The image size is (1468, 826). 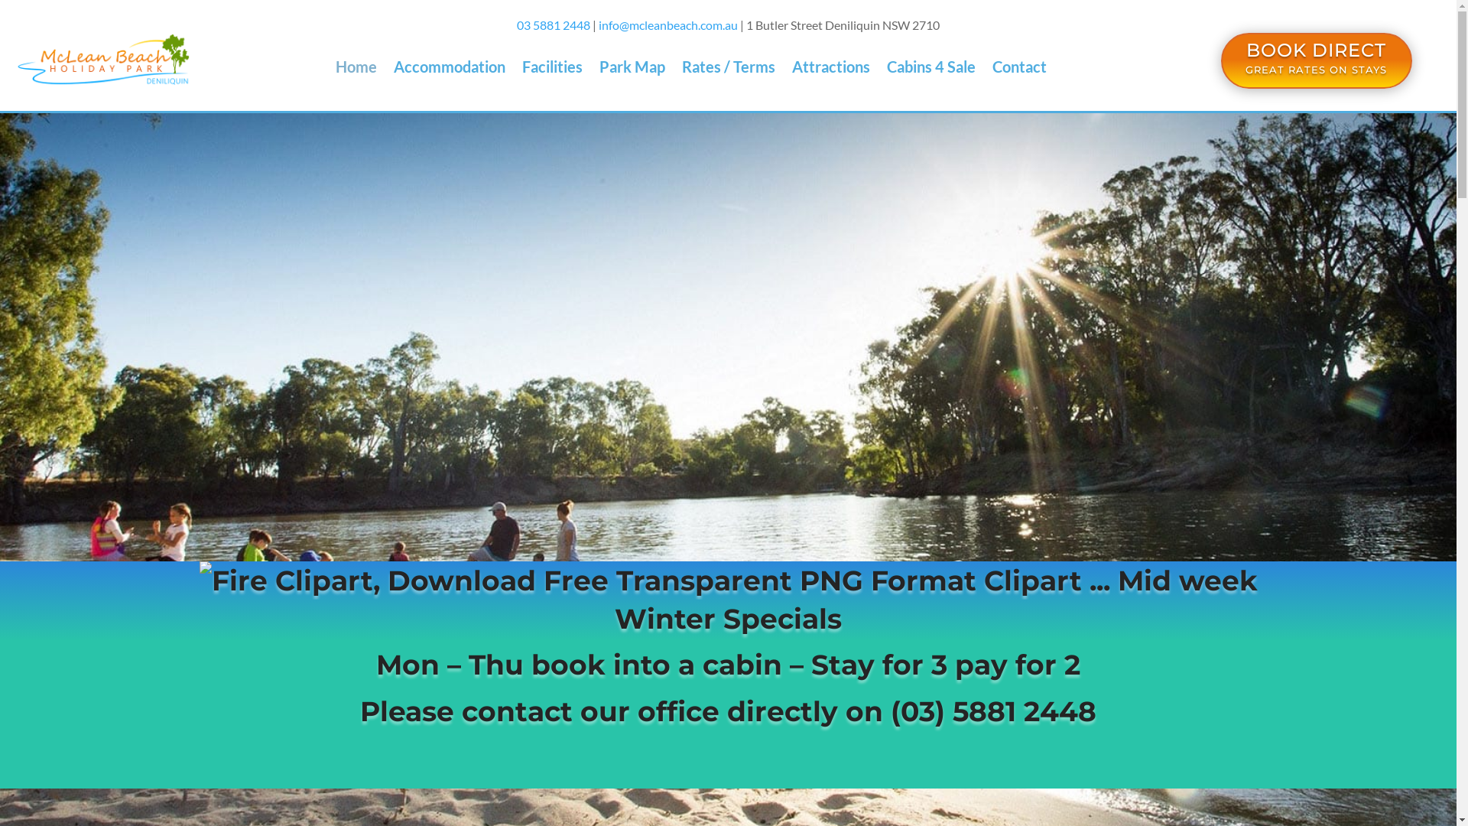 I want to click on 'Accommodation', so click(x=449, y=70).